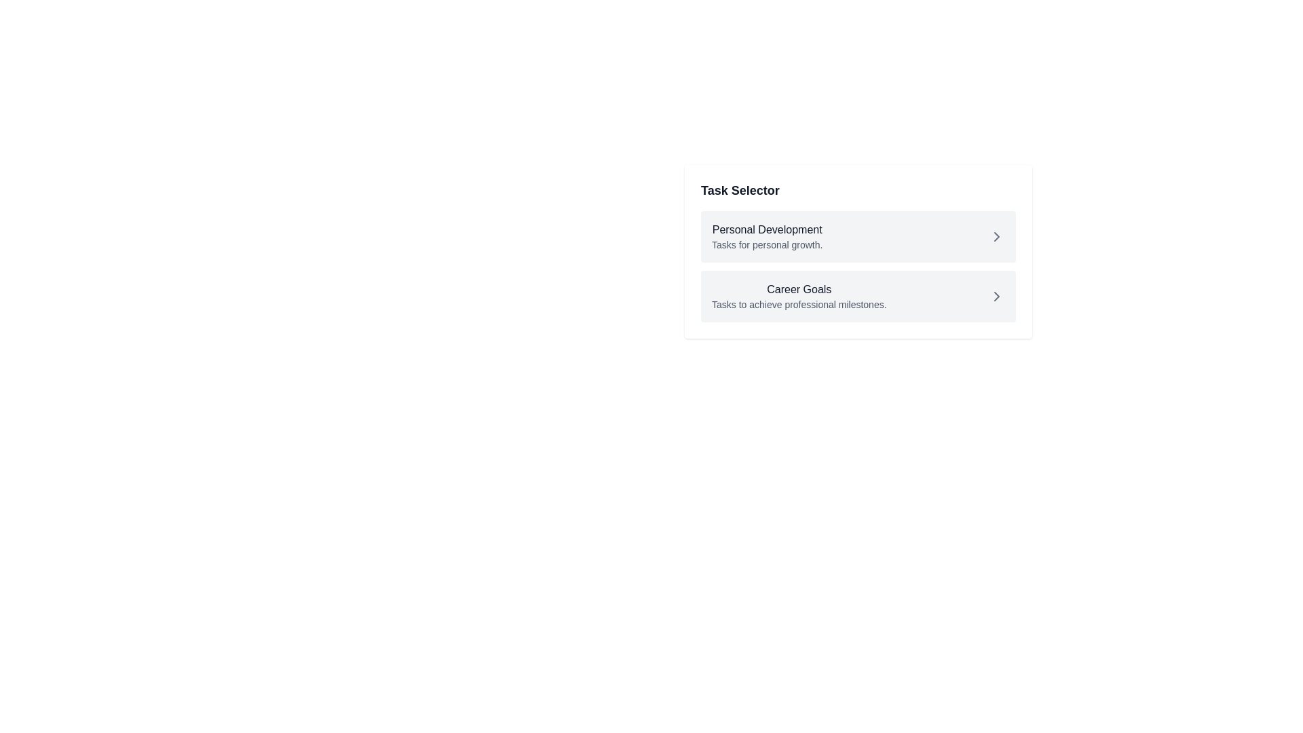  What do you see at coordinates (767, 236) in the screenshot?
I see `text from the Text Label that contains 'Personal Development' and 'Tasks for personal growth.' which is located in the upper half of the 'Task Selector' panel` at bounding box center [767, 236].